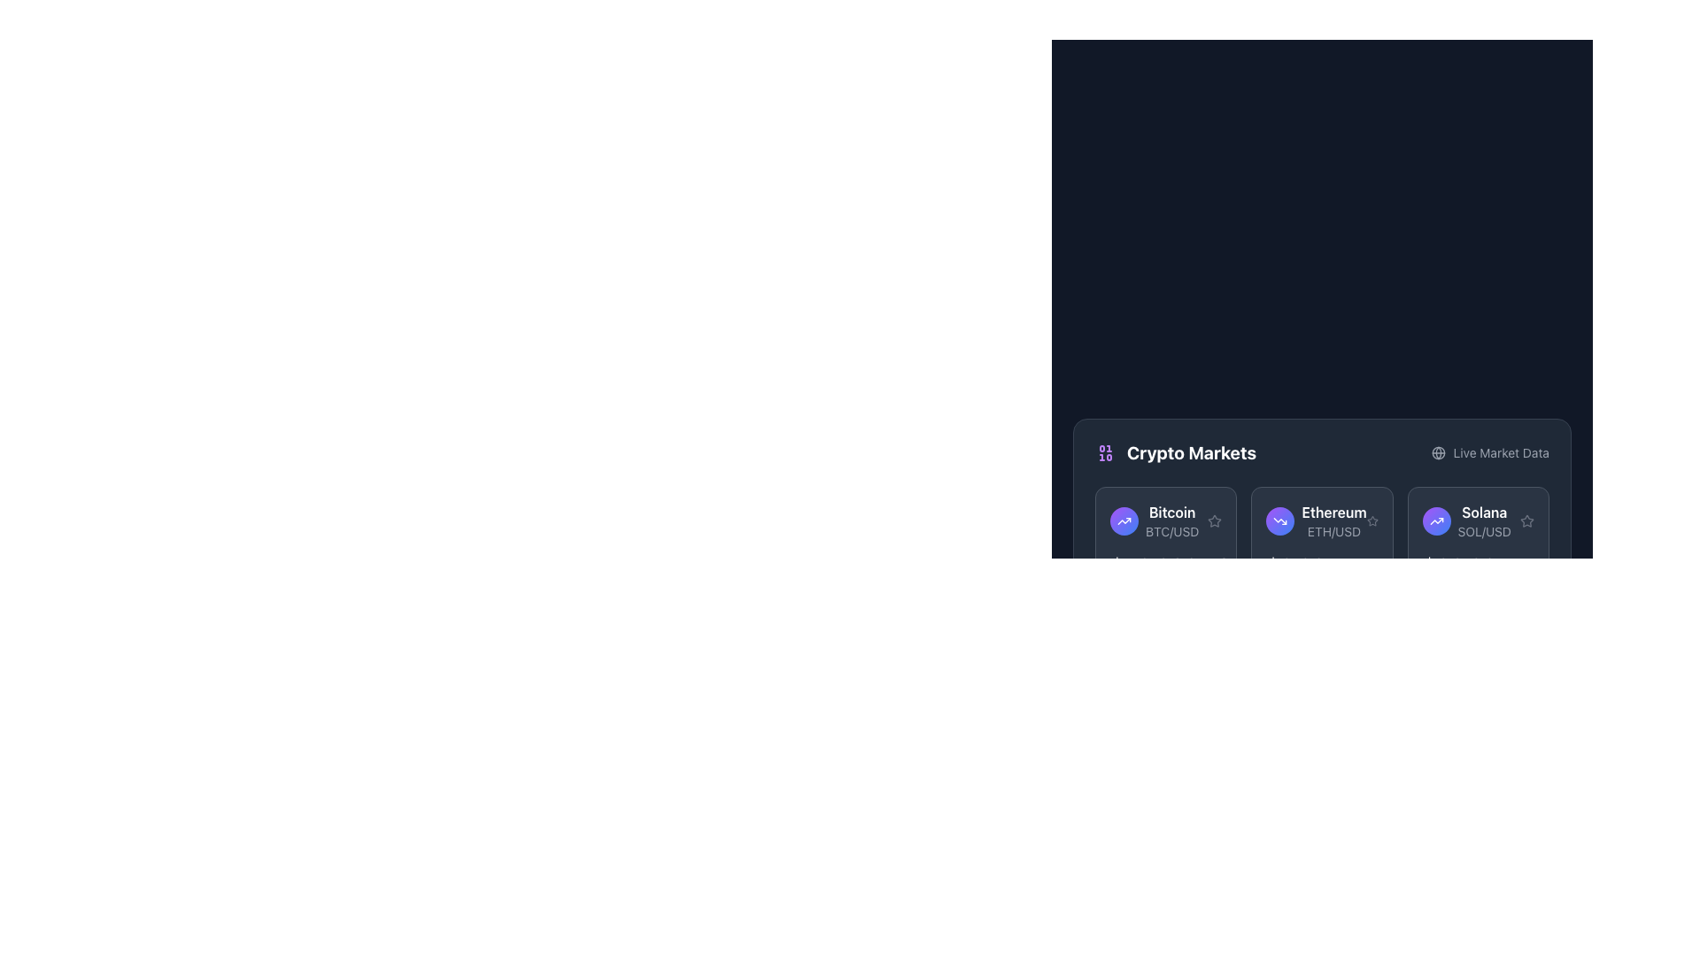 This screenshot has width=1700, height=956. What do you see at coordinates (1322, 566) in the screenshot?
I see `the informational display showing the current price of Ethereum and the percentage change indicator, located in the bottom-right portion of the Ethereum card` at bounding box center [1322, 566].